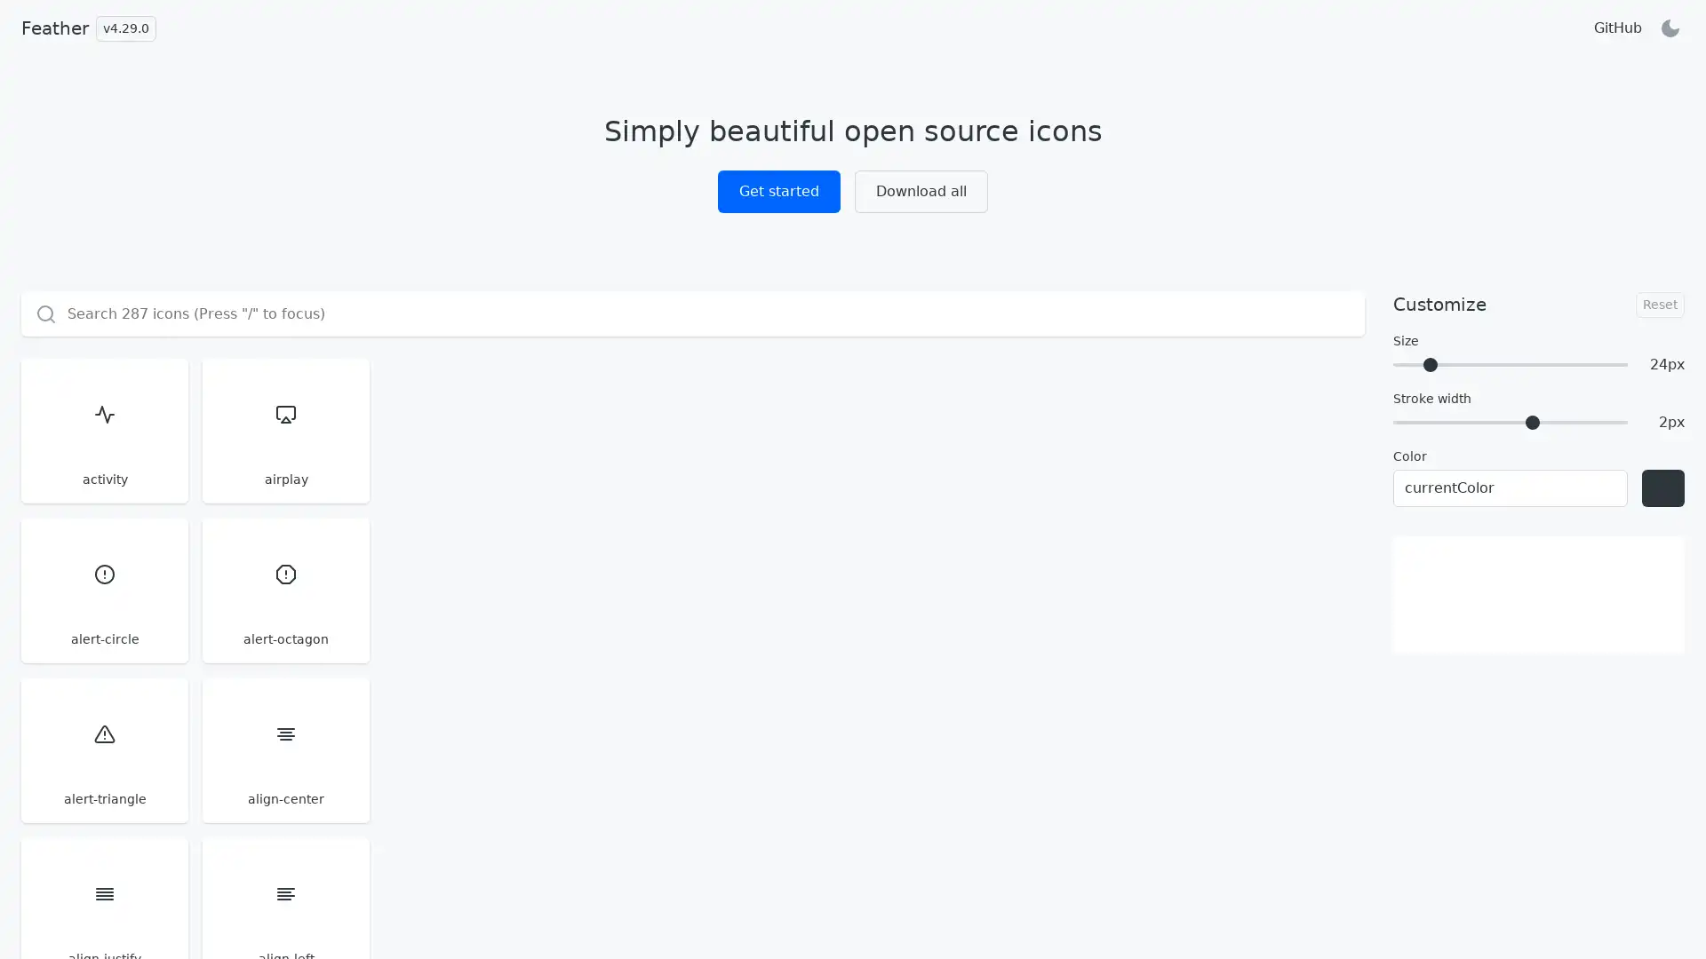 This screenshot has height=959, width=1706. What do you see at coordinates (691, 431) in the screenshot?
I see `alert-triangle` at bounding box center [691, 431].